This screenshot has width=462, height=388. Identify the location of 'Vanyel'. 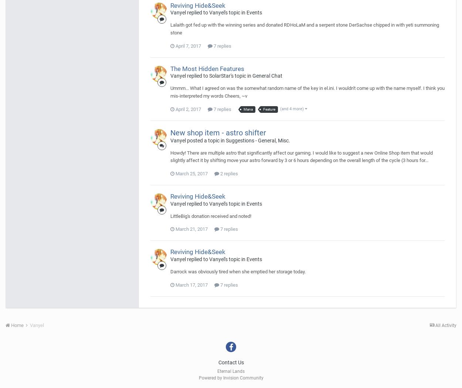
(37, 325).